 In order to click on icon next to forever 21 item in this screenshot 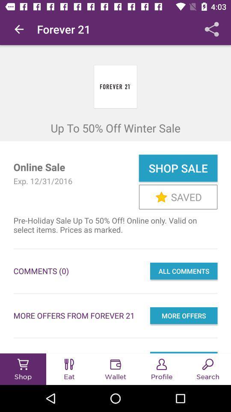, I will do `click(19, 29)`.